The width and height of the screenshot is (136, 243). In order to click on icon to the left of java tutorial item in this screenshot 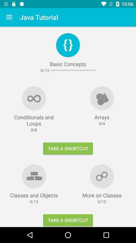, I will do `click(9, 17)`.